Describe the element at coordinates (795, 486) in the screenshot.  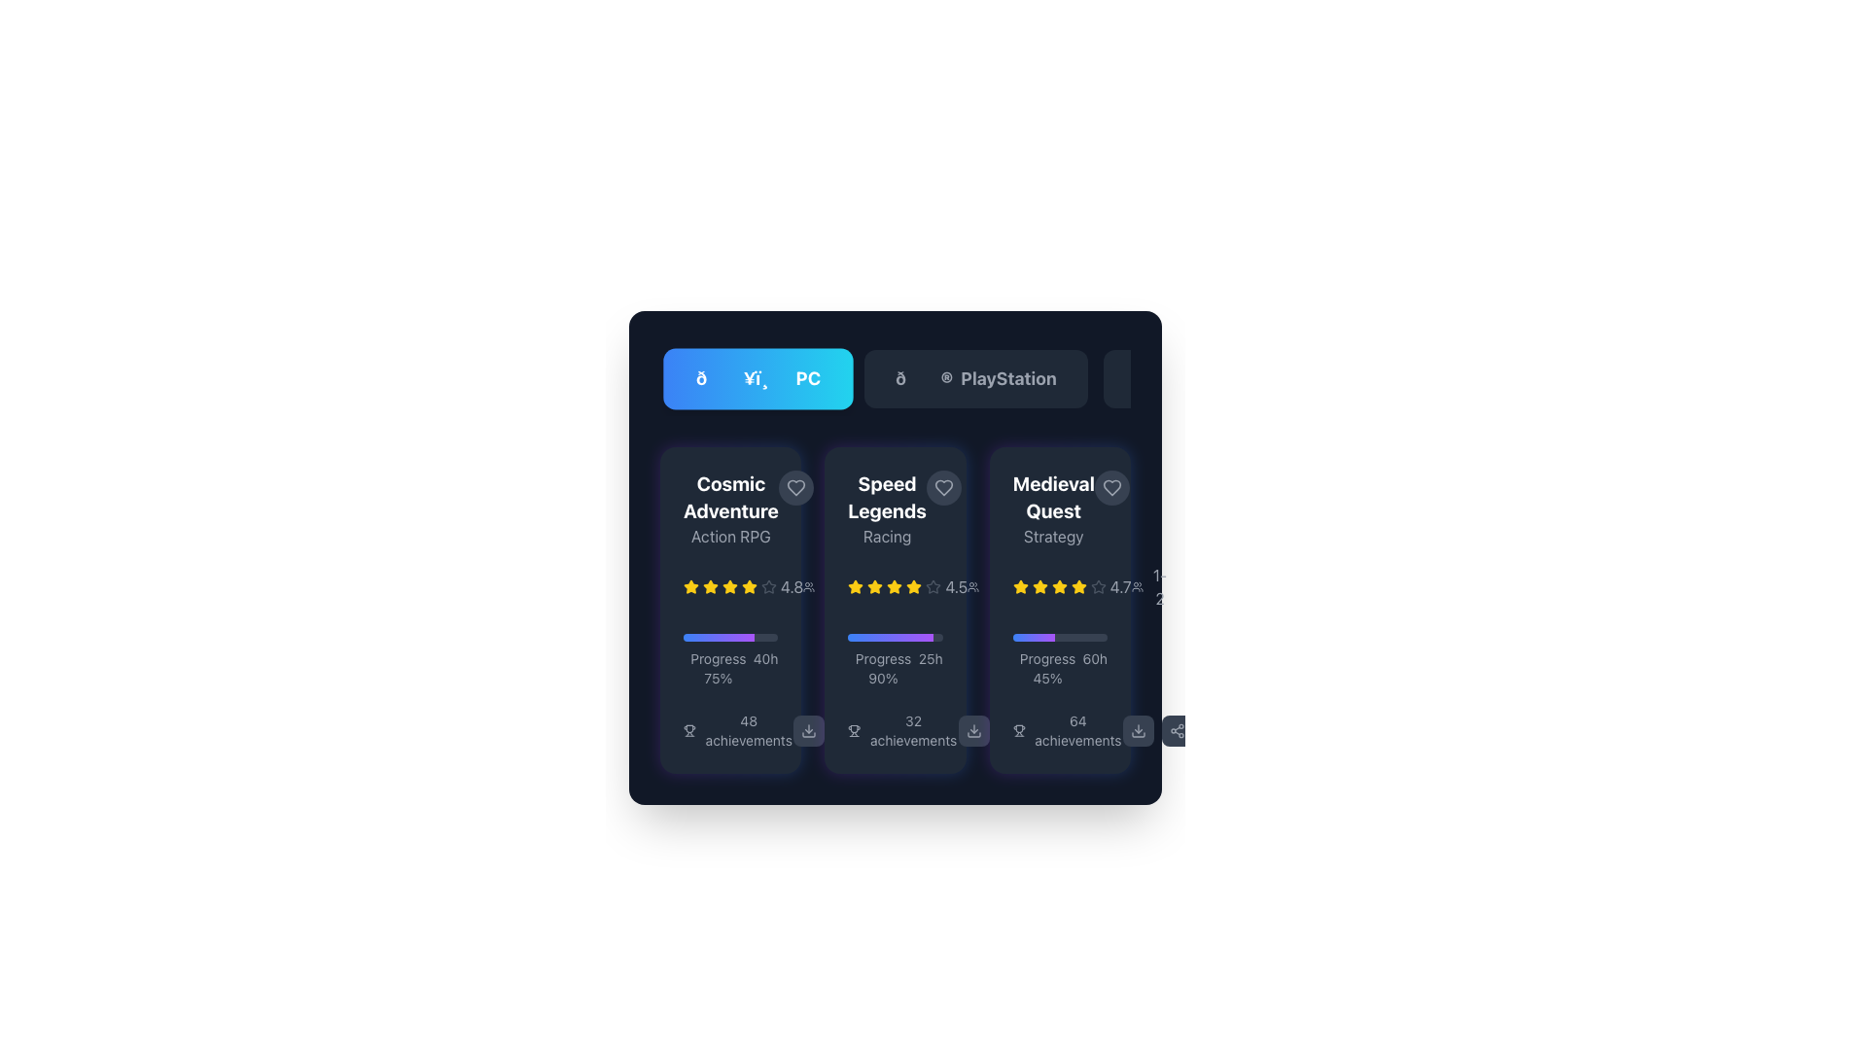
I see `the heart-shaped icon within the circular button in the top-right section of the 'Cosmic Adventure' card to mark it as favorite` at that location.